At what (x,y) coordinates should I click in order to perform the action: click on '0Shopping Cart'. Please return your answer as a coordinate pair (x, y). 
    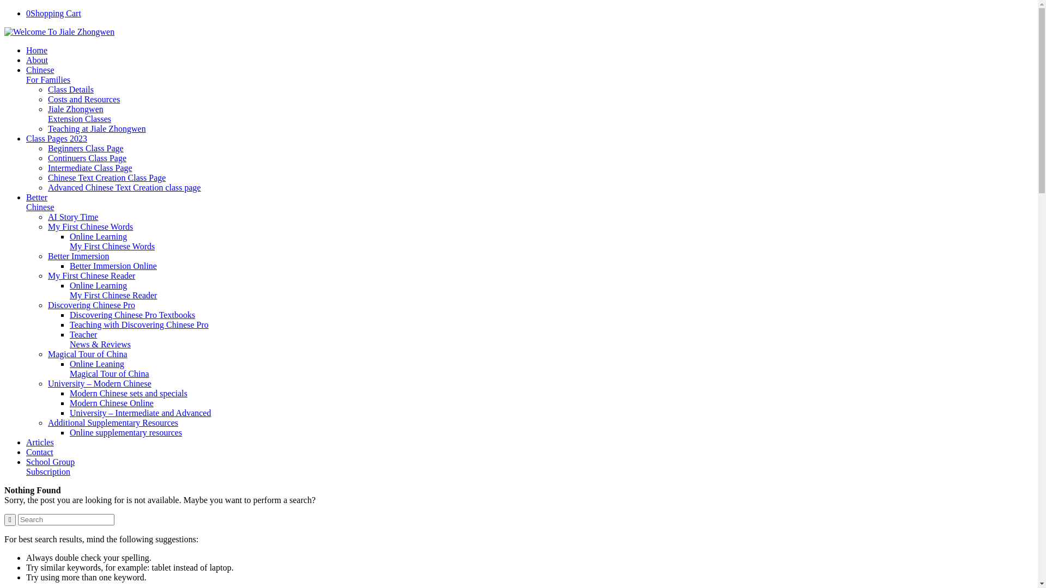
    Looking at the image, I should click on (26, 13).